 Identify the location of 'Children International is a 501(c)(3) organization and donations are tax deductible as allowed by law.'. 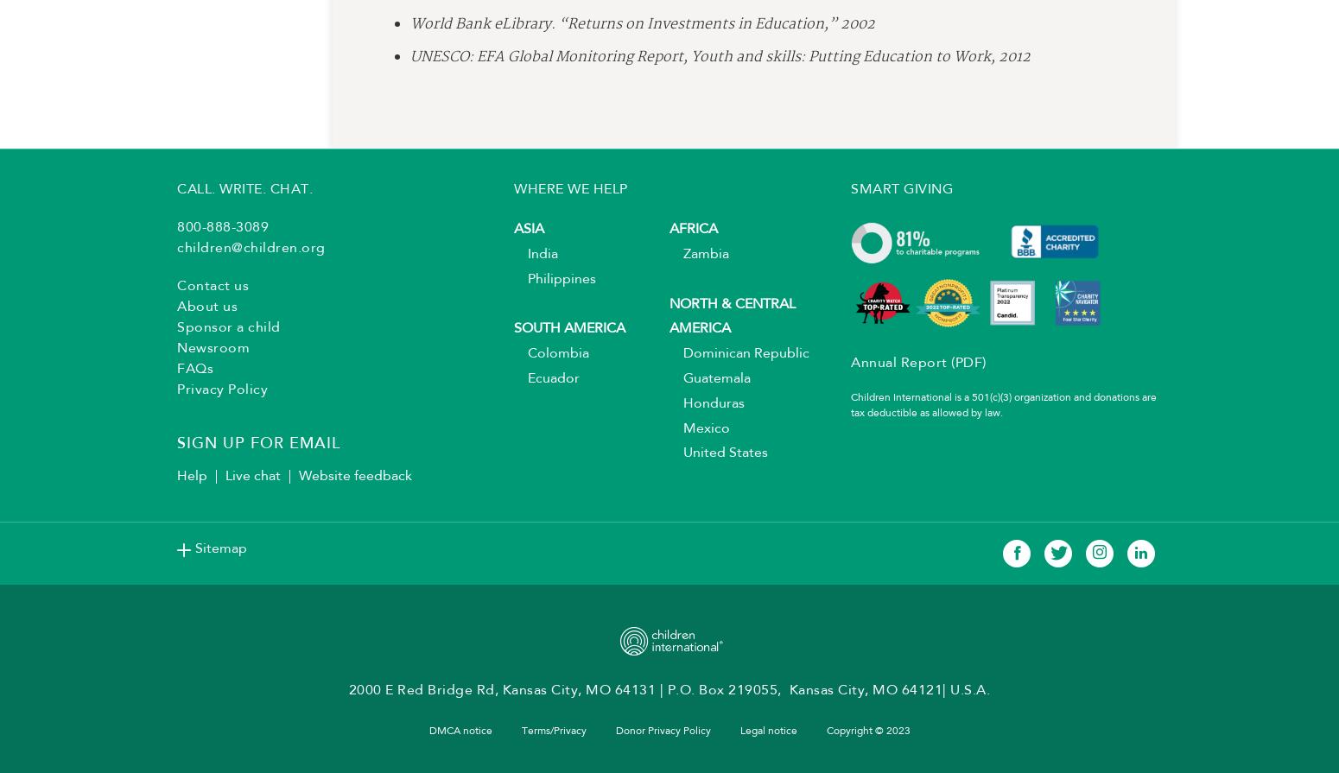
(850, 411).